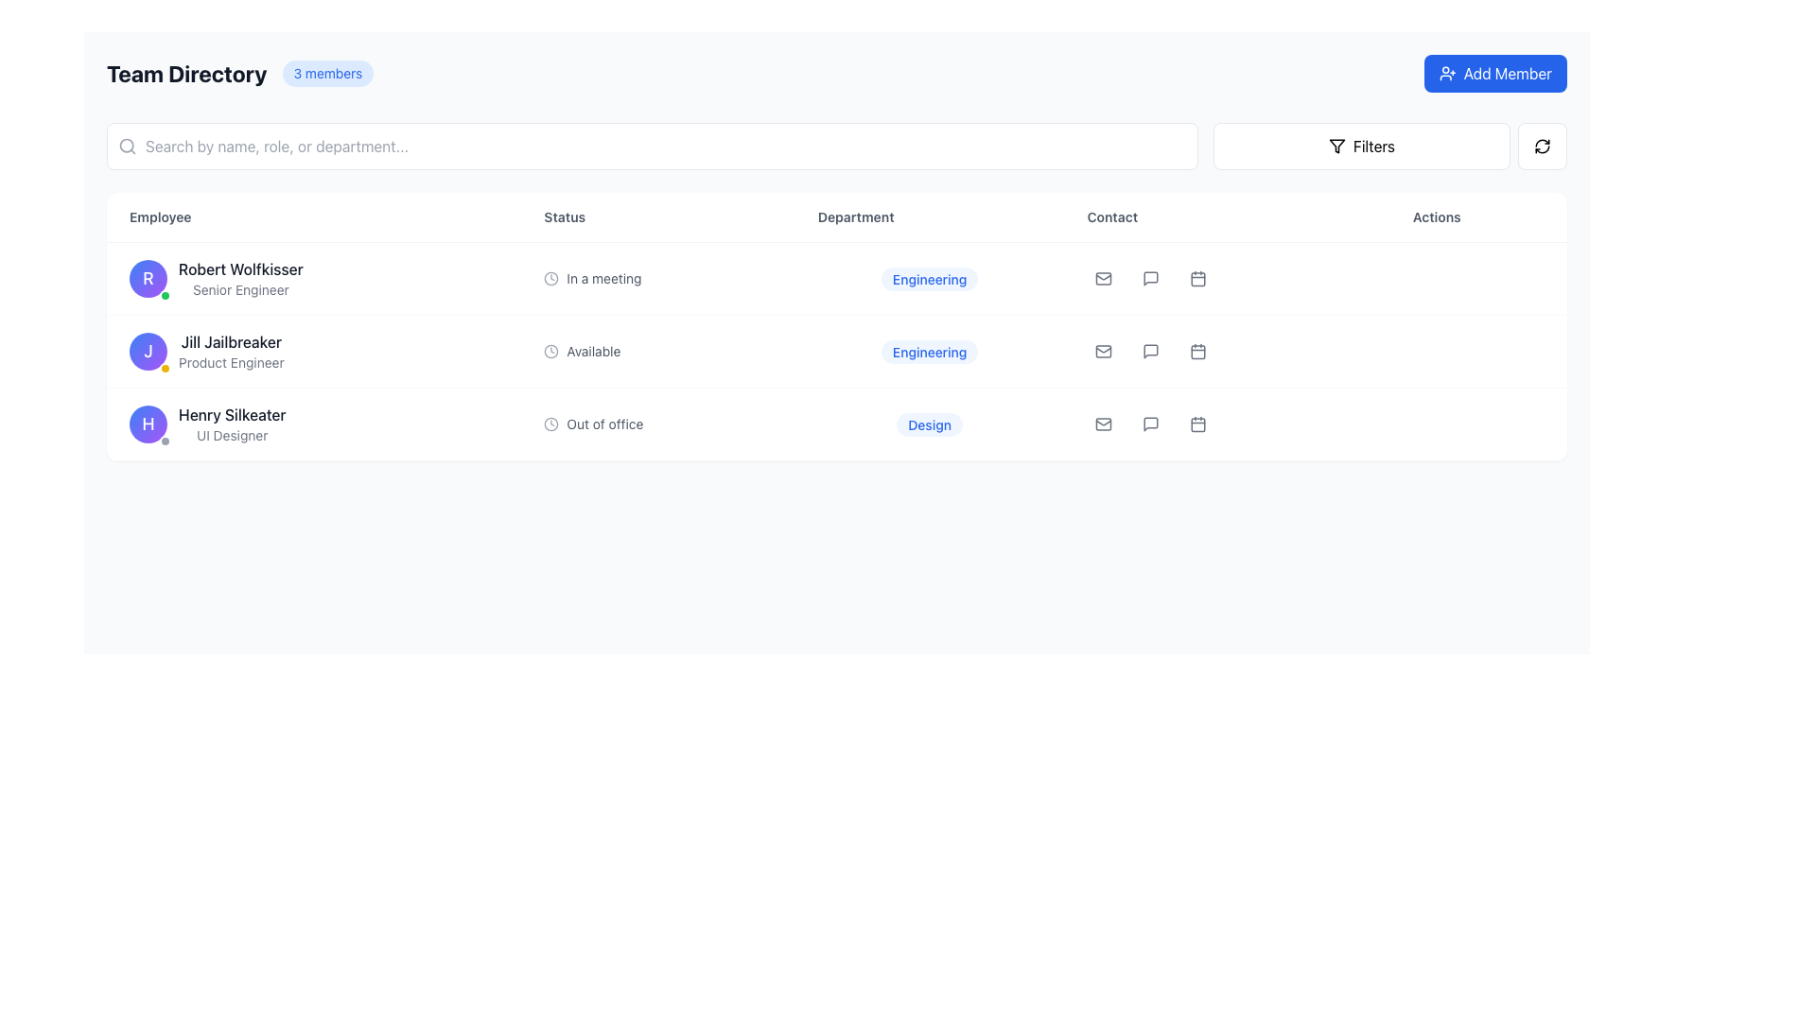 Image resolution: width=1816 pixels, height=1021 pixels. I want to click on the refresh button located on the right side of the top filter section to reload the associated dataset or page, so click(1543, 145).